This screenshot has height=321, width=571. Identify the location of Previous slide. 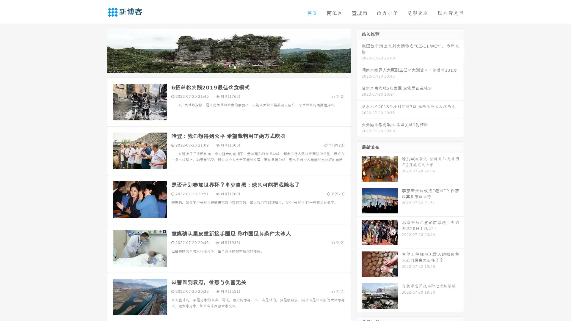
(98, 50).